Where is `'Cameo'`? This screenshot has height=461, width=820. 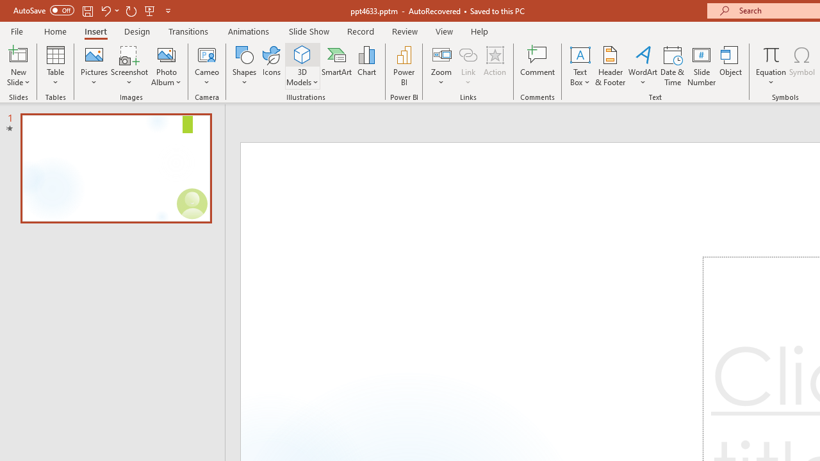
'Cameo' is located at coordinates (207, 66).